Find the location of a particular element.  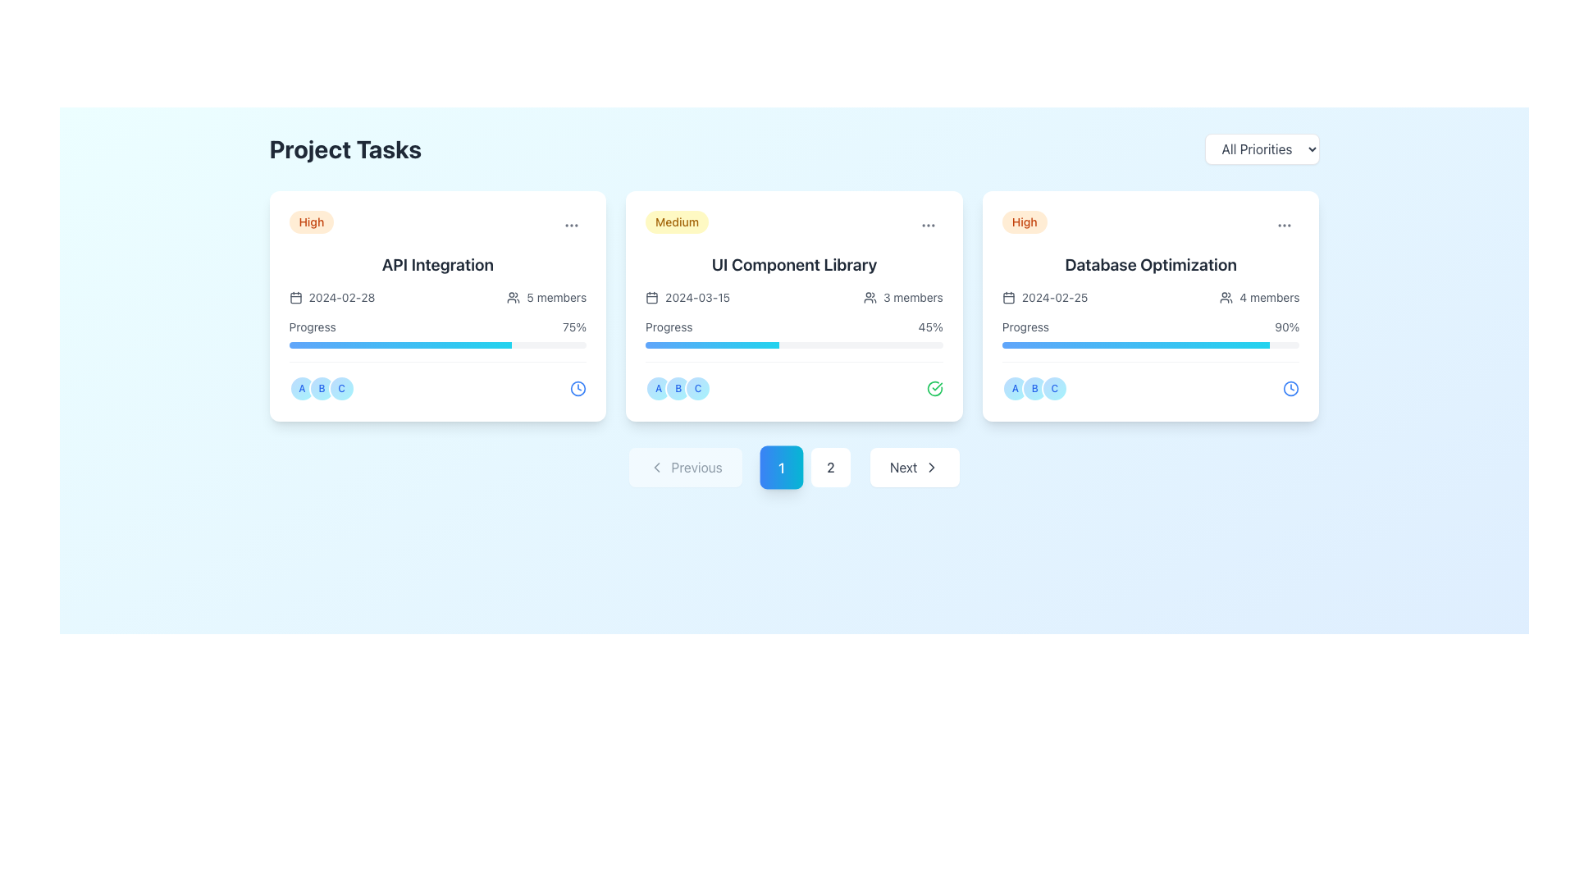

the interactive option menu button located at the top right corner of the 'API Integration' card is located at coordinates (572, 225).